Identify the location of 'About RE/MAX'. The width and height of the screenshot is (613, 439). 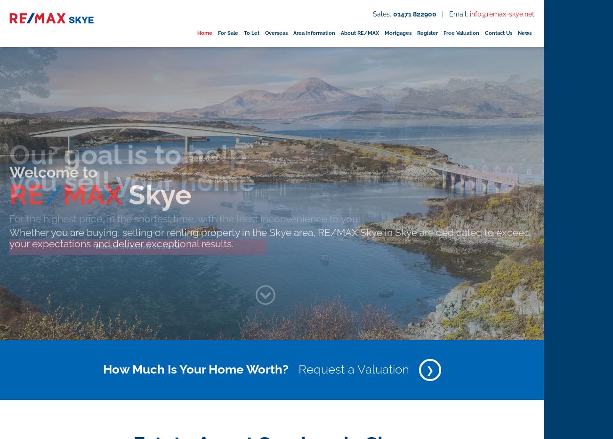
(359, 33).